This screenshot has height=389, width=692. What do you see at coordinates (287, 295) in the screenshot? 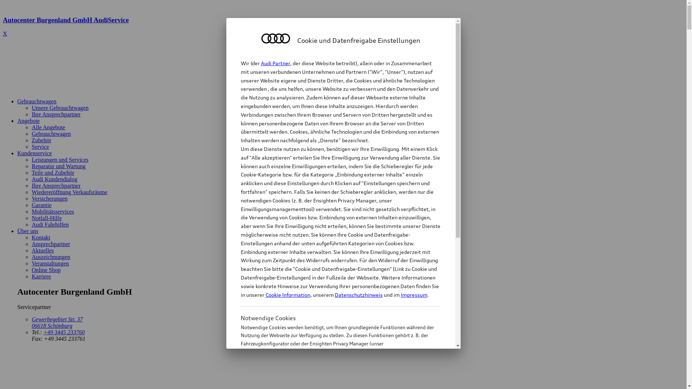
I see `'Cookie Information'` at bounding box center [287, 295].